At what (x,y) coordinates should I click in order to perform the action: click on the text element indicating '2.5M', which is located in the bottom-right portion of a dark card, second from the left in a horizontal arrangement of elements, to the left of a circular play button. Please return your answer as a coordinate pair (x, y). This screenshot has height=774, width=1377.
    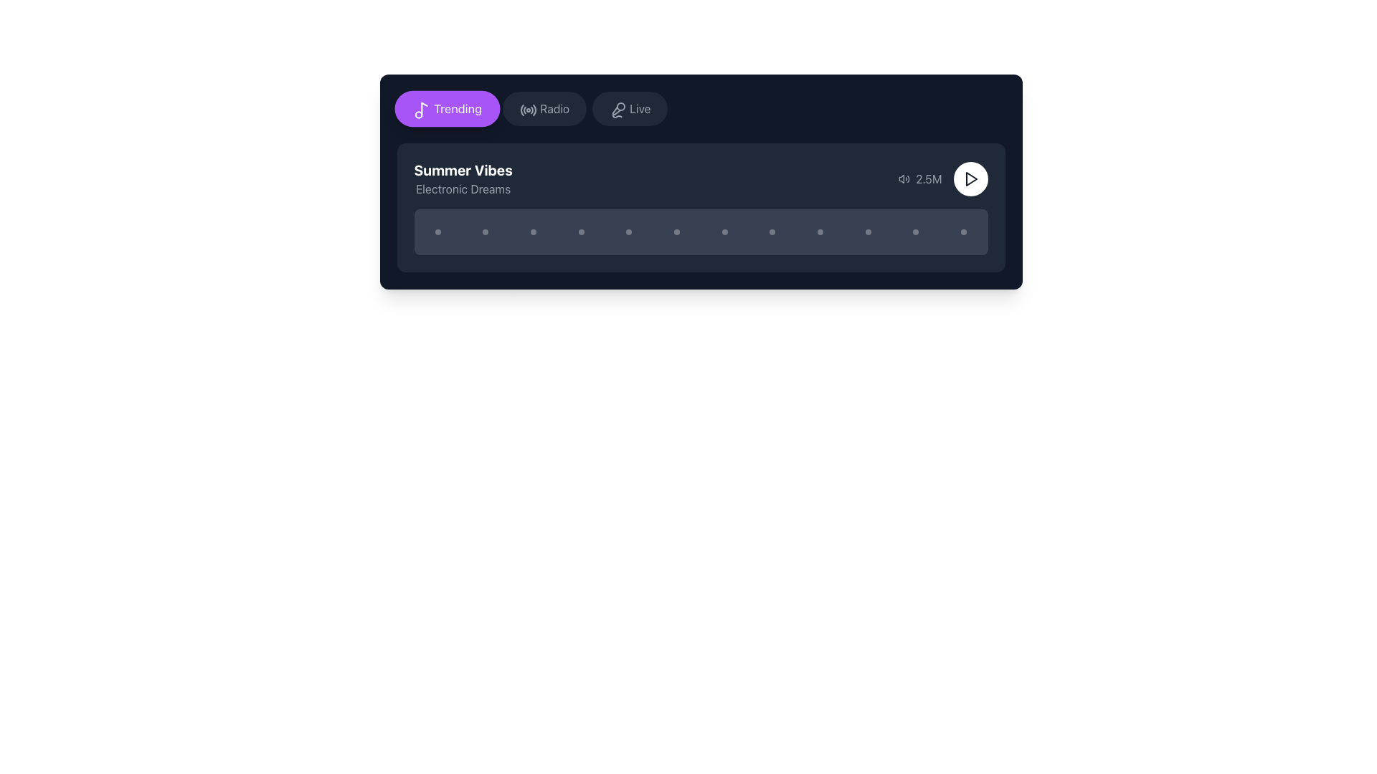
    Looking at the image, I should click on (920, 178).